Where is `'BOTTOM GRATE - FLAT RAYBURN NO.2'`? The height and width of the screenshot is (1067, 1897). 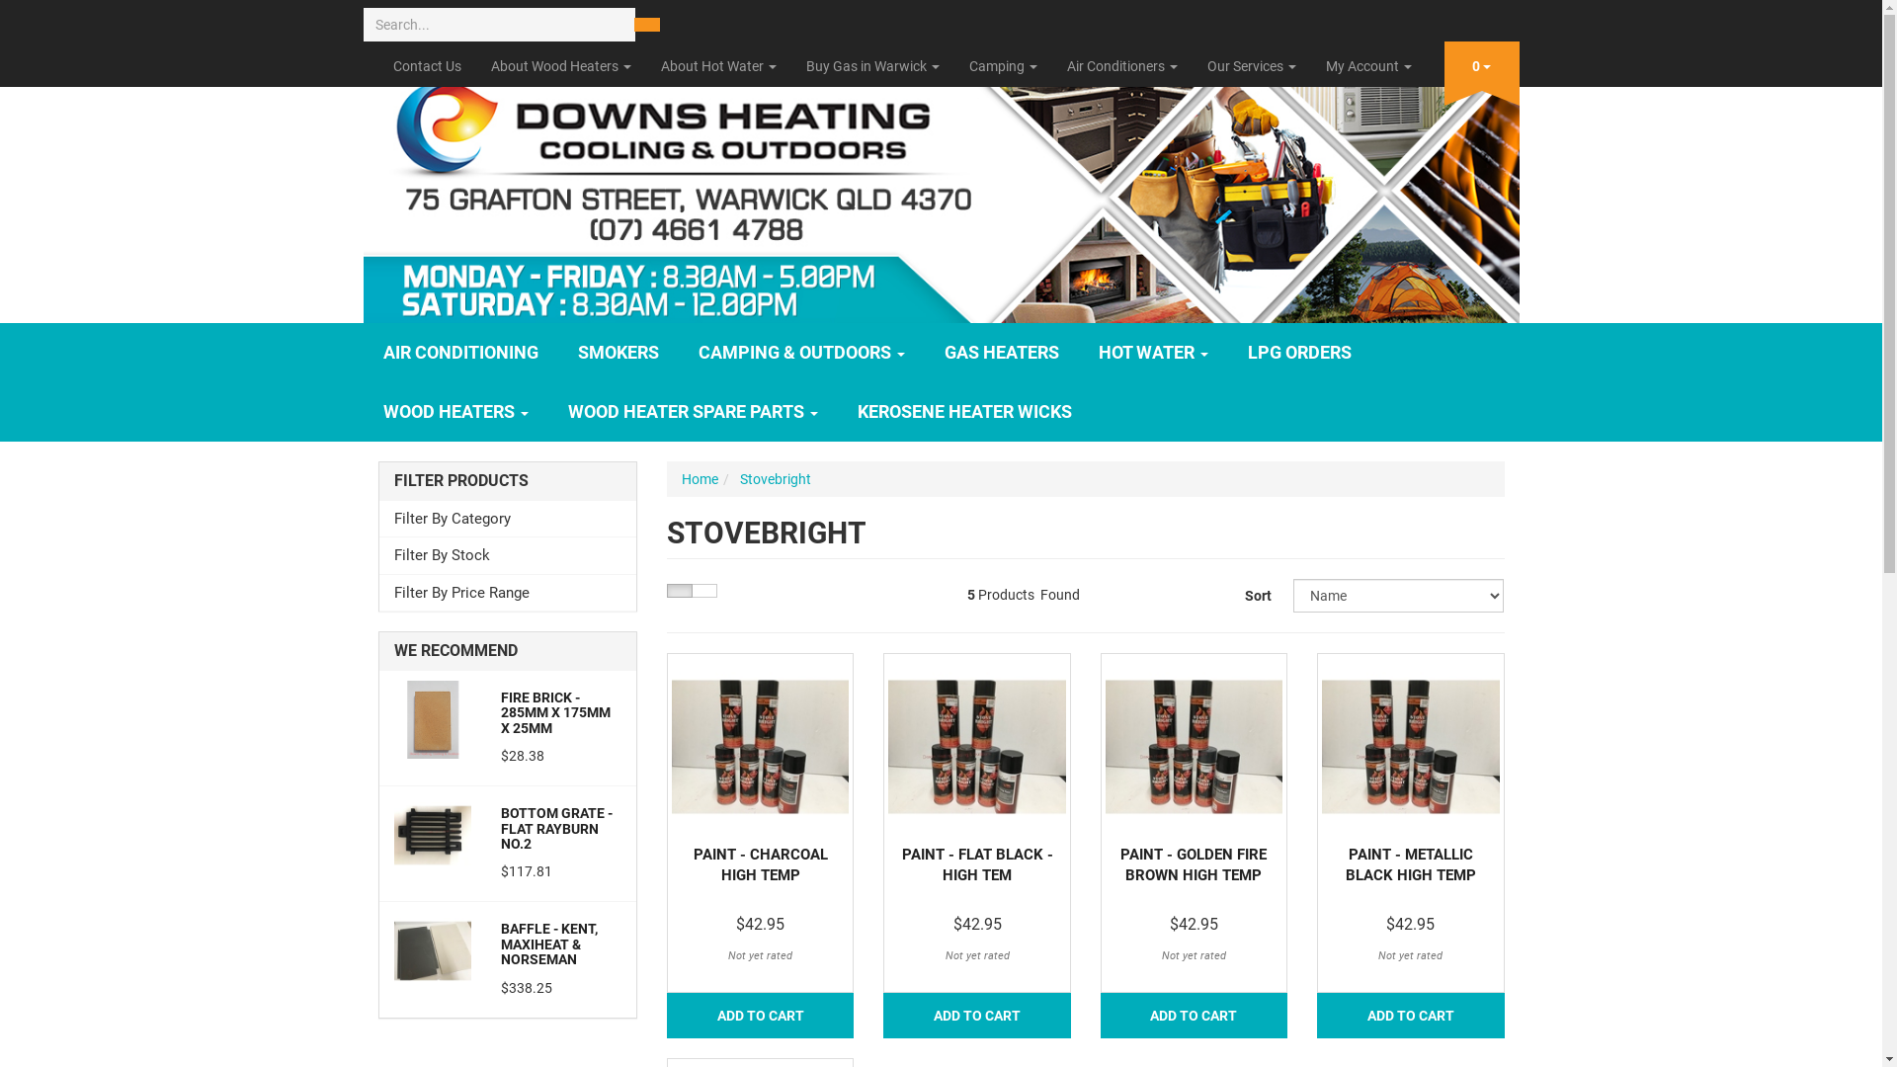 'BOTTOM GRATE - FLAT RAYBURN NO.2' is located at coordinates (555, 828).